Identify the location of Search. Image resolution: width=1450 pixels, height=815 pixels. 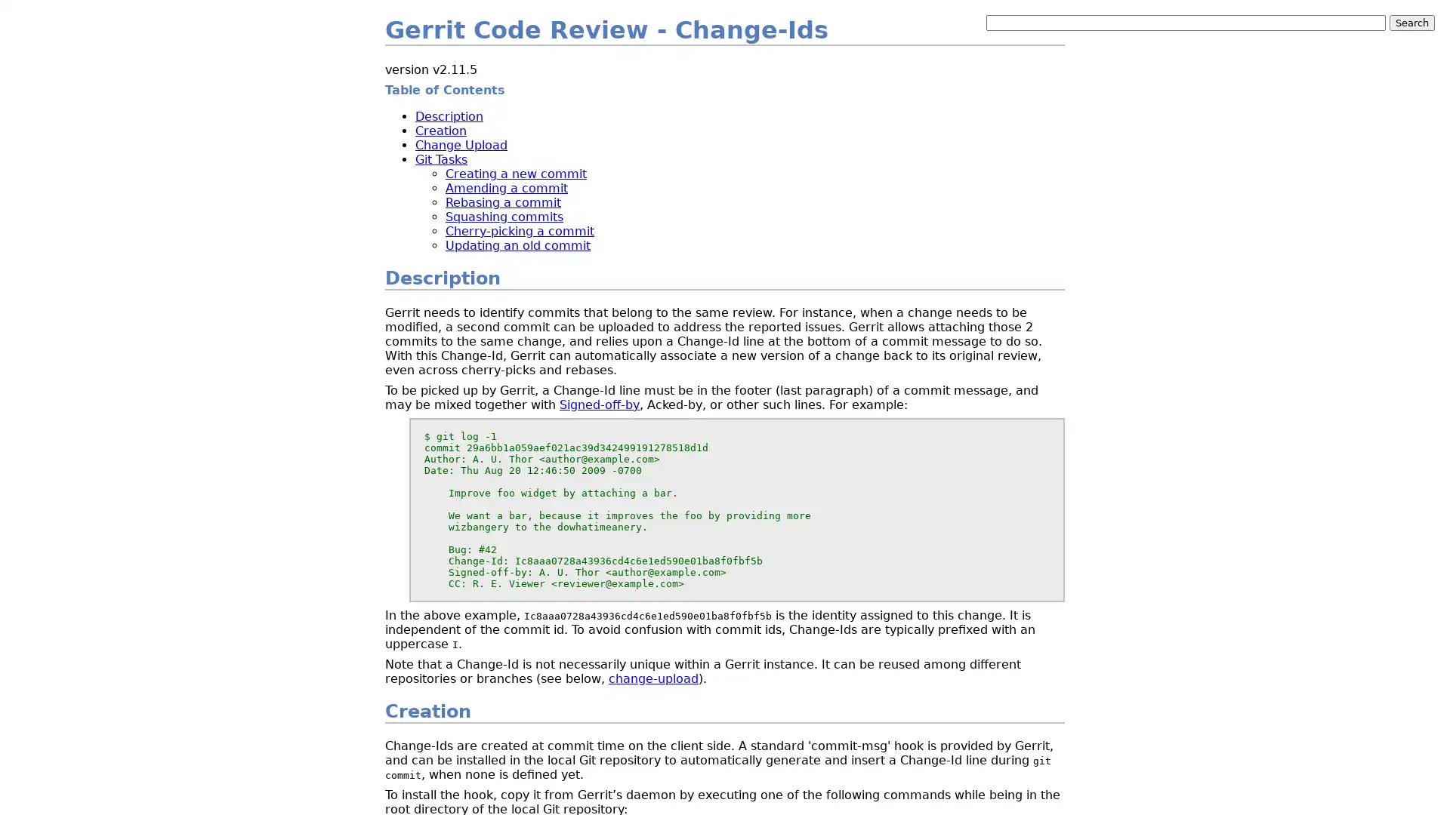
(1411, 23).